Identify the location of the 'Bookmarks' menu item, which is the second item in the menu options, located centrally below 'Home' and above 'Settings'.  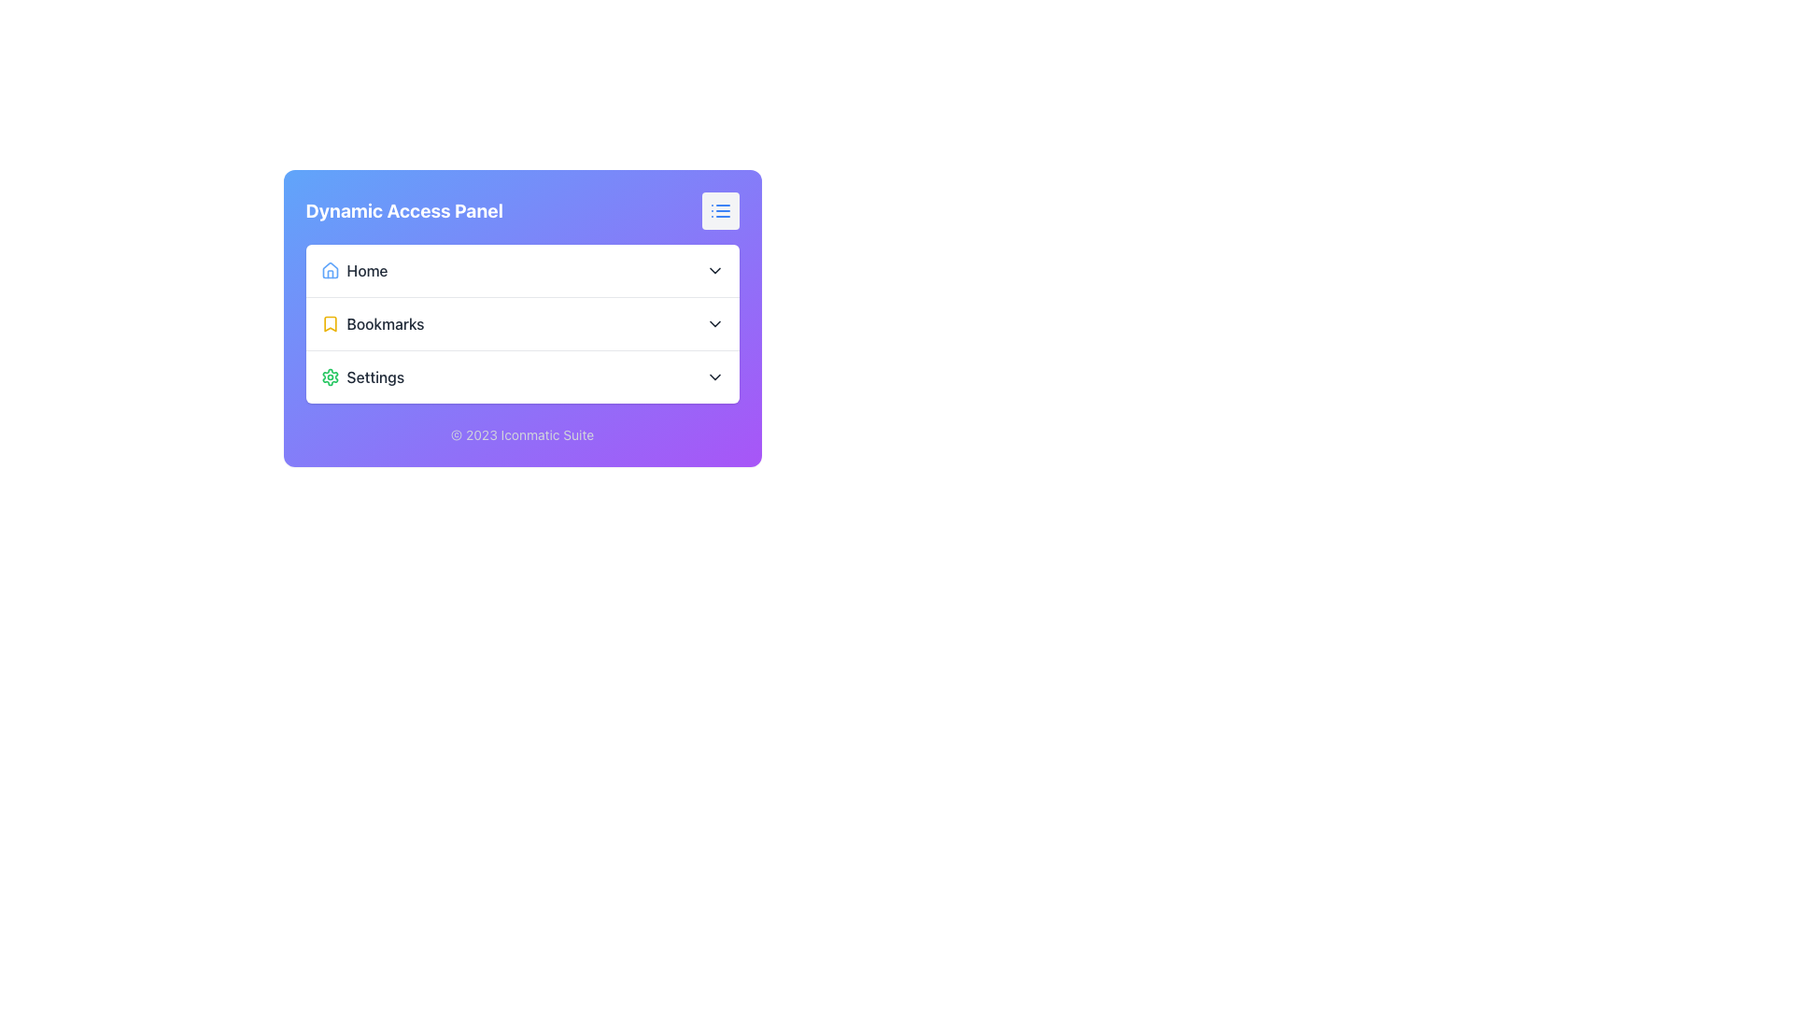
(522, 322).